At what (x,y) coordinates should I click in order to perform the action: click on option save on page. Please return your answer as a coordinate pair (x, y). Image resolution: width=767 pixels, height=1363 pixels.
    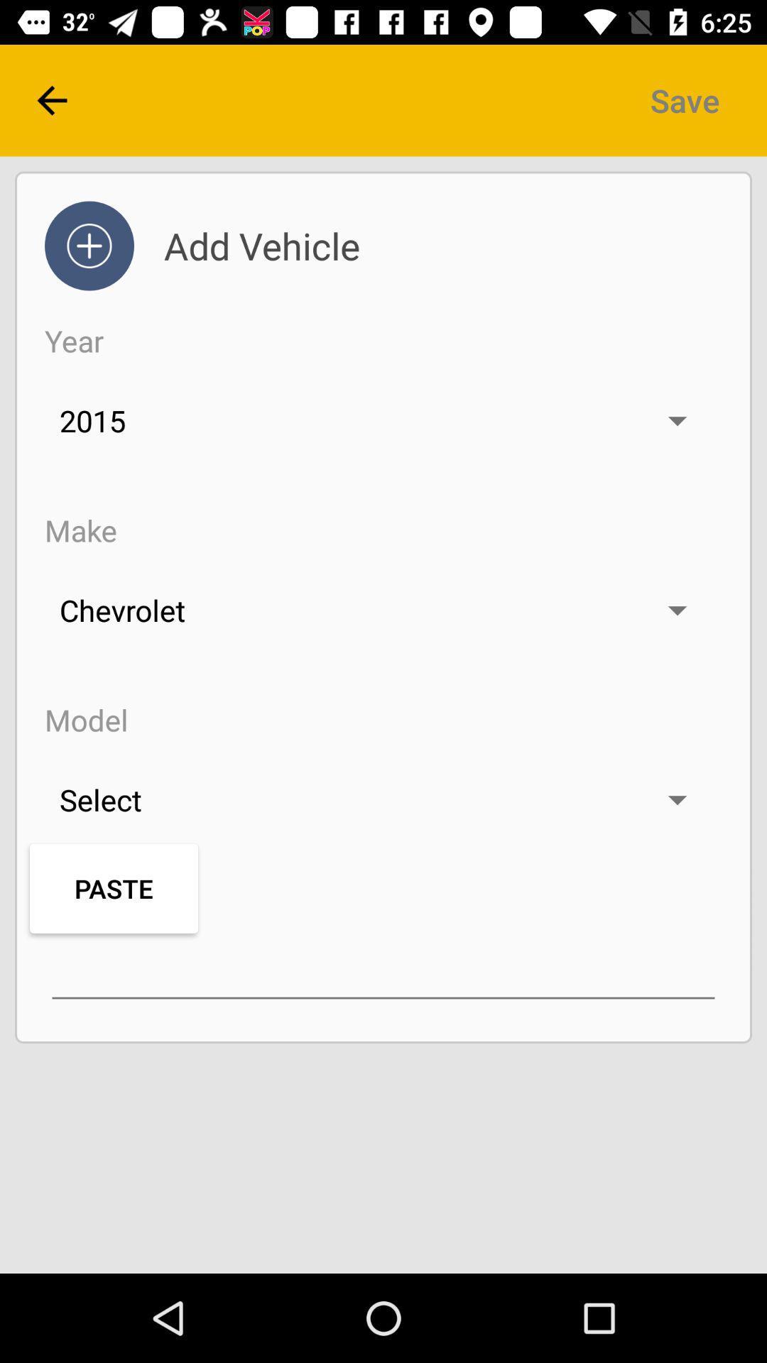
    Looking at the image, I should click on (684, 100).